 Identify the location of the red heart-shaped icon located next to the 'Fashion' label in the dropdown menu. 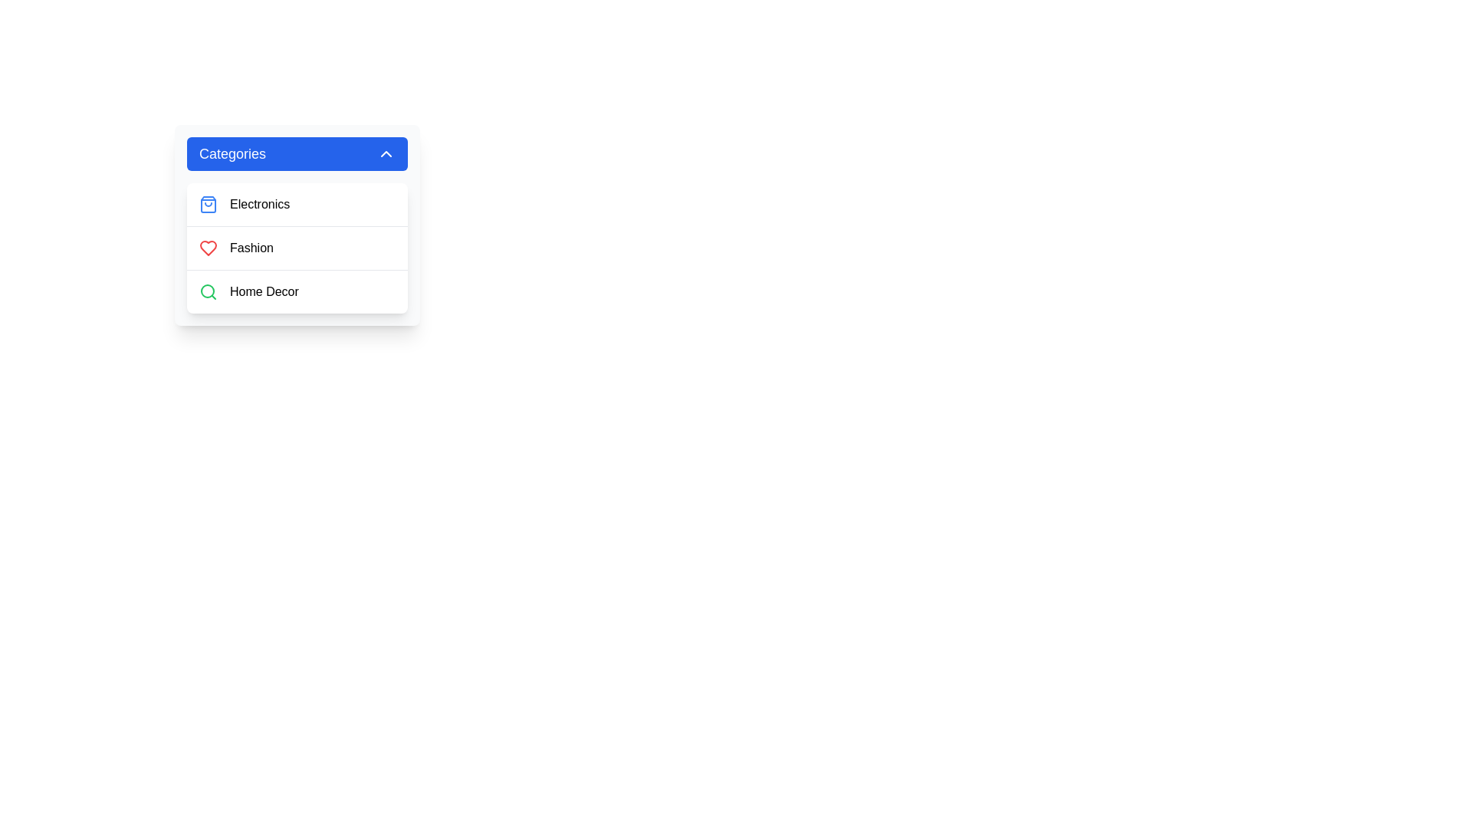
(208, 248).